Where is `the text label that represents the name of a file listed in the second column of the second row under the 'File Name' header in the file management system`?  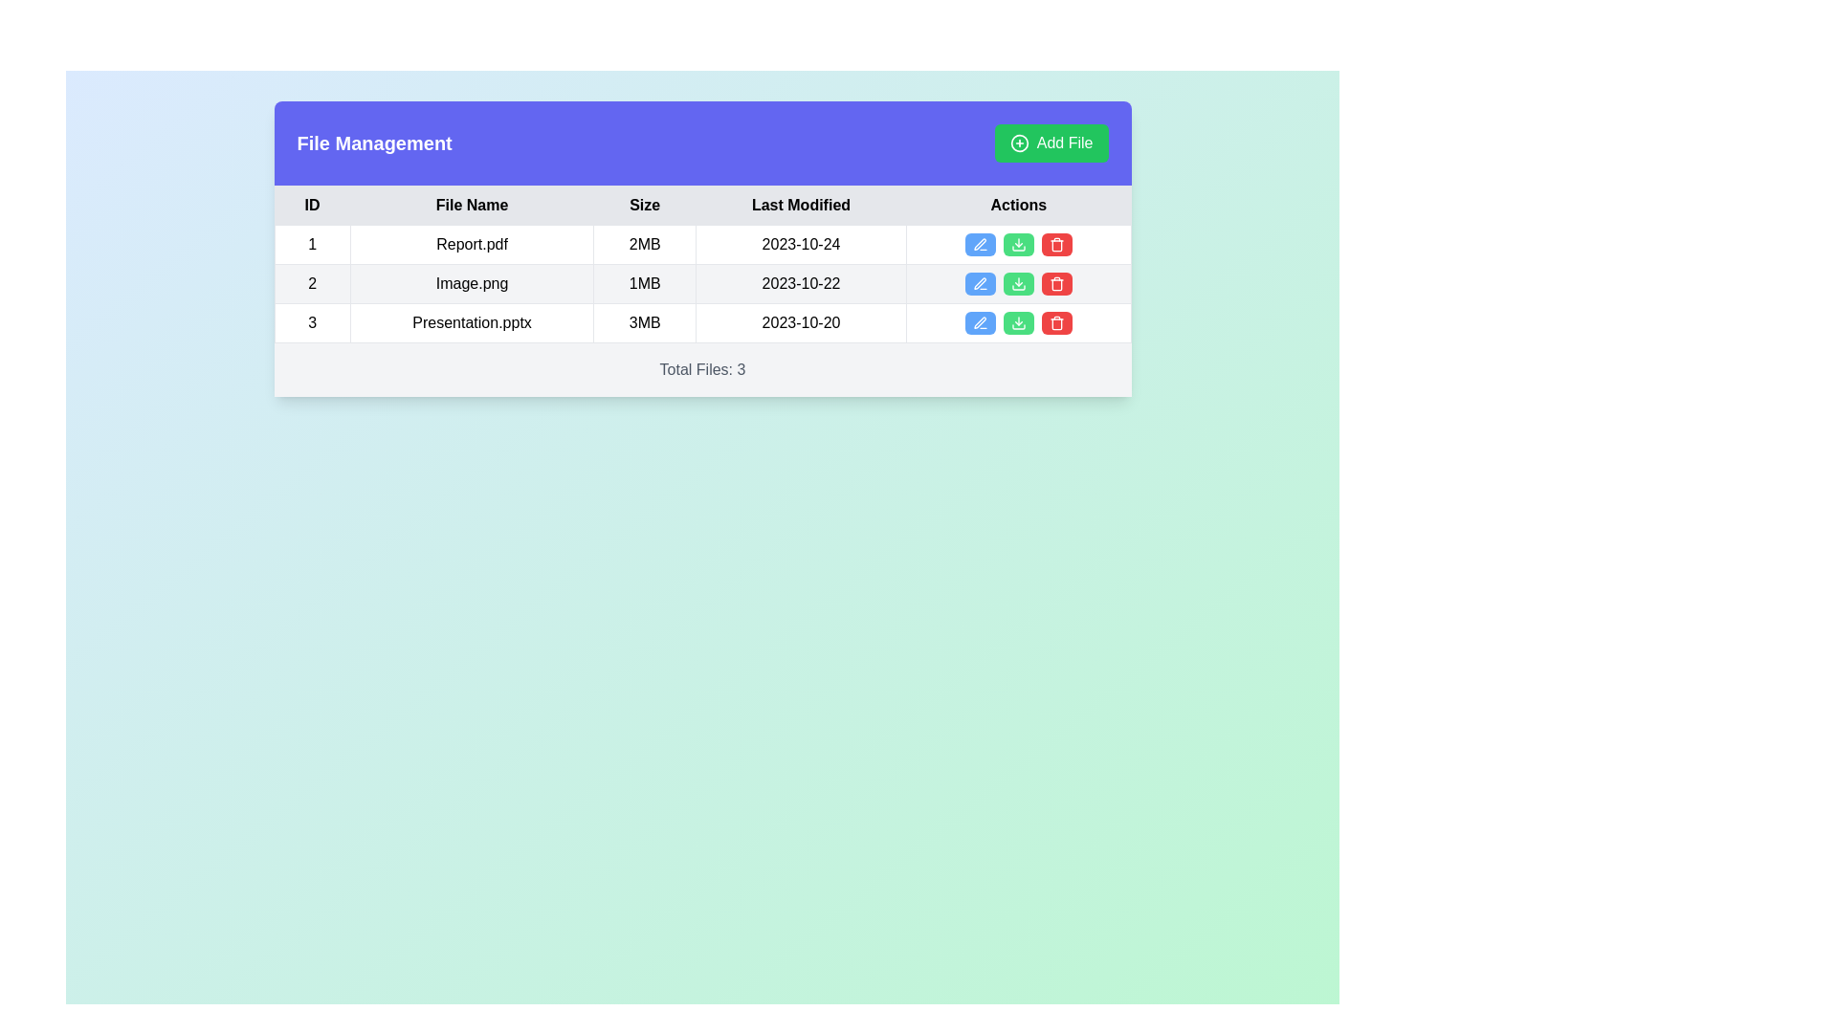 the text label that represents the name of a file listed in the second column of the second row under the 'File Name' header in the file management system is located at coordinates (472, 284).